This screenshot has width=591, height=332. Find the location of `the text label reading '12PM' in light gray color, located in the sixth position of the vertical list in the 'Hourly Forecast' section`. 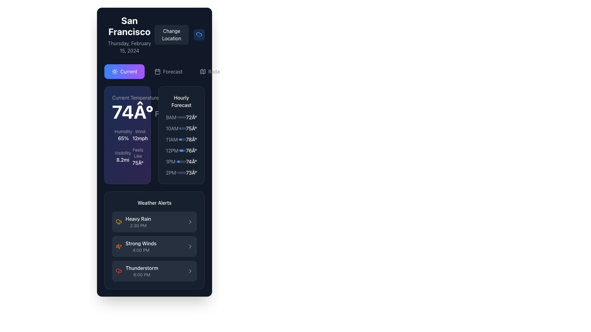

the text label reading '12PM' in light gray color, located in the sixth position of the vertical list in the 'Hourly Forecast' section is located at coordinates (172, 150).